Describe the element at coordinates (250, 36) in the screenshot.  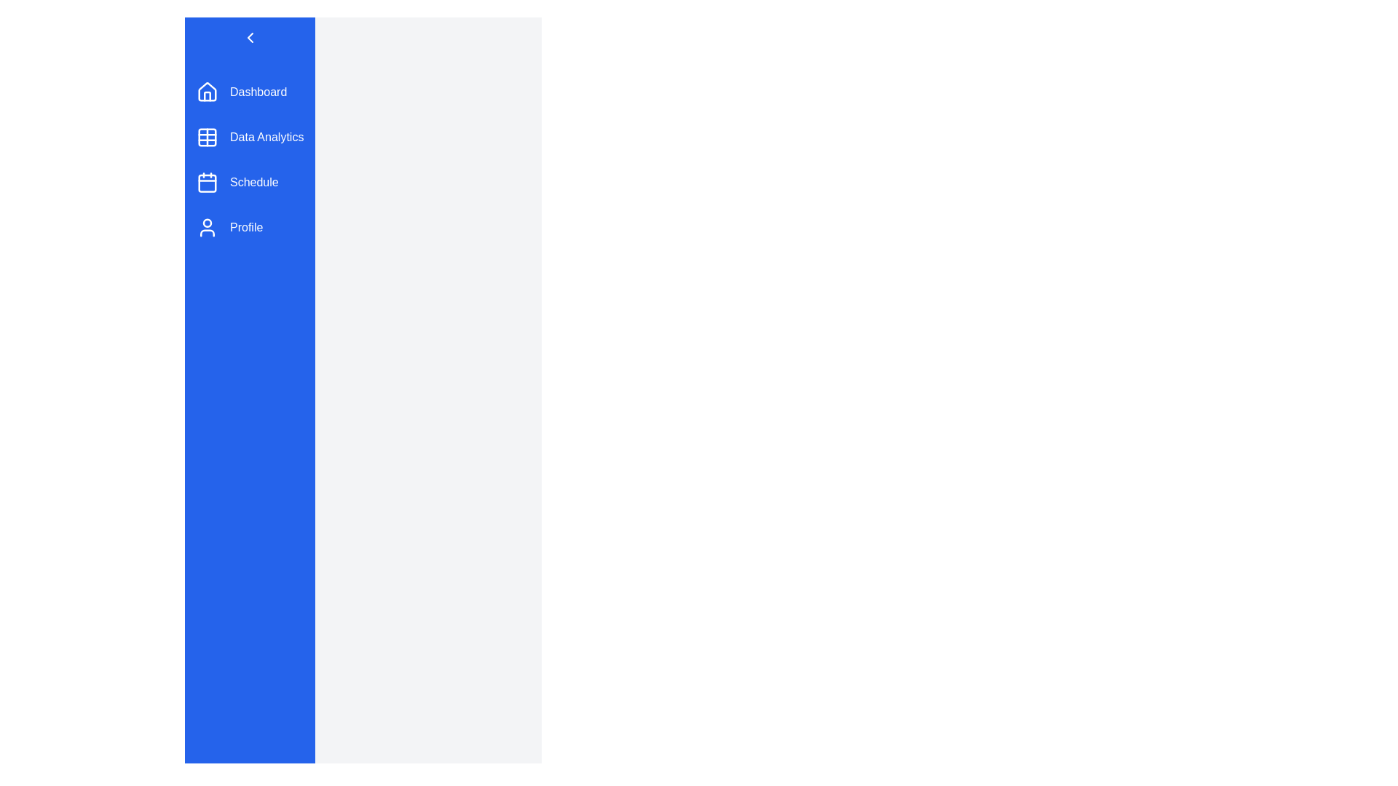
I see `the toggle button to toggle the sidebar menu` at that location.